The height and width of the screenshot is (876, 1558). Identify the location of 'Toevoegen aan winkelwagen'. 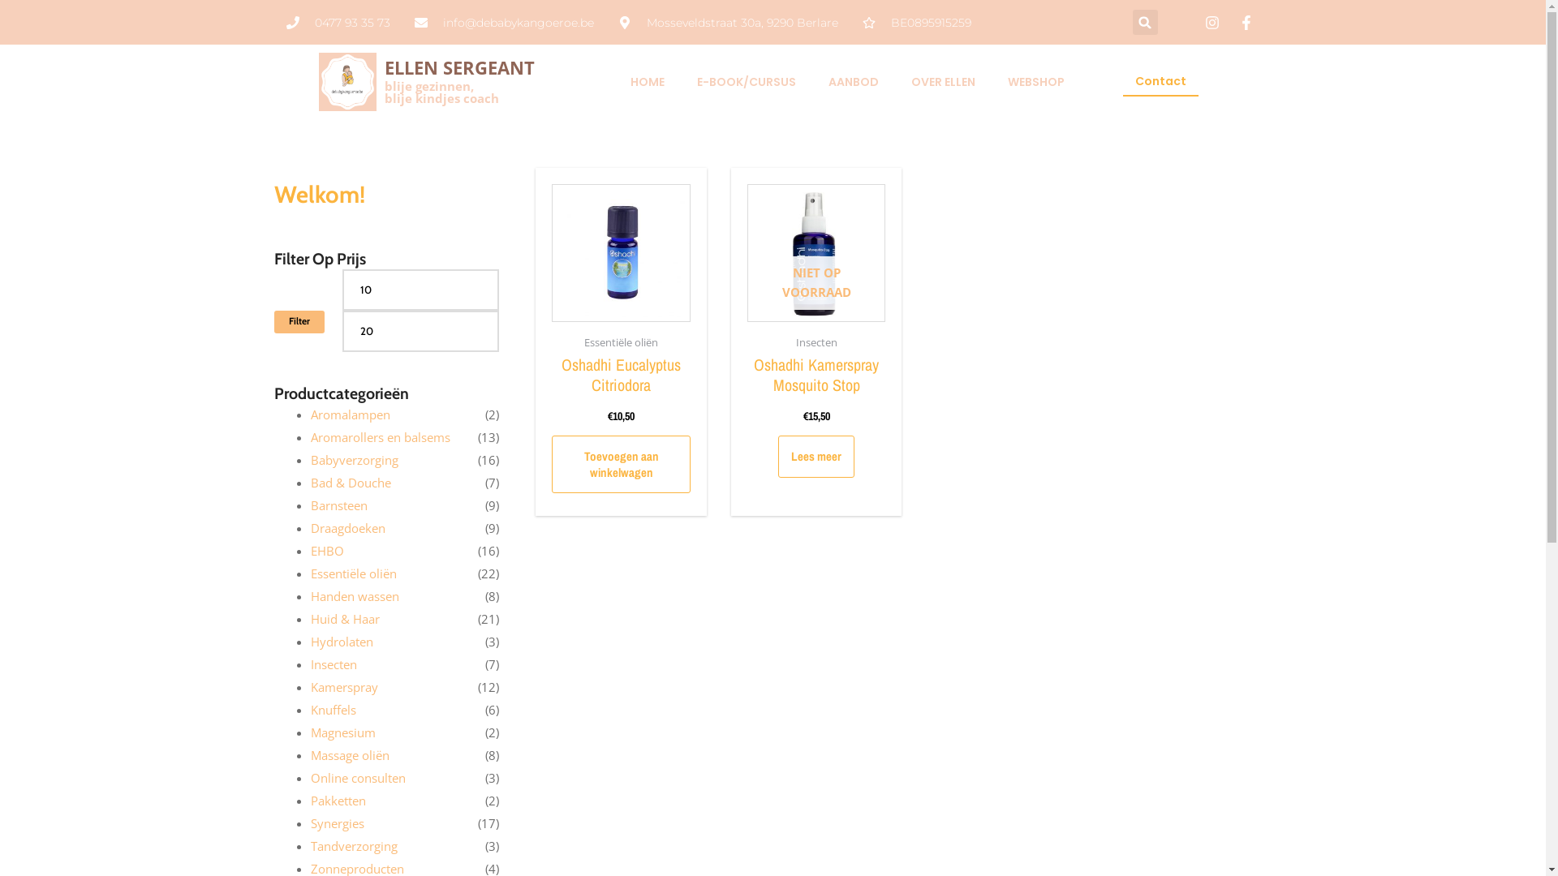
(552, 464).